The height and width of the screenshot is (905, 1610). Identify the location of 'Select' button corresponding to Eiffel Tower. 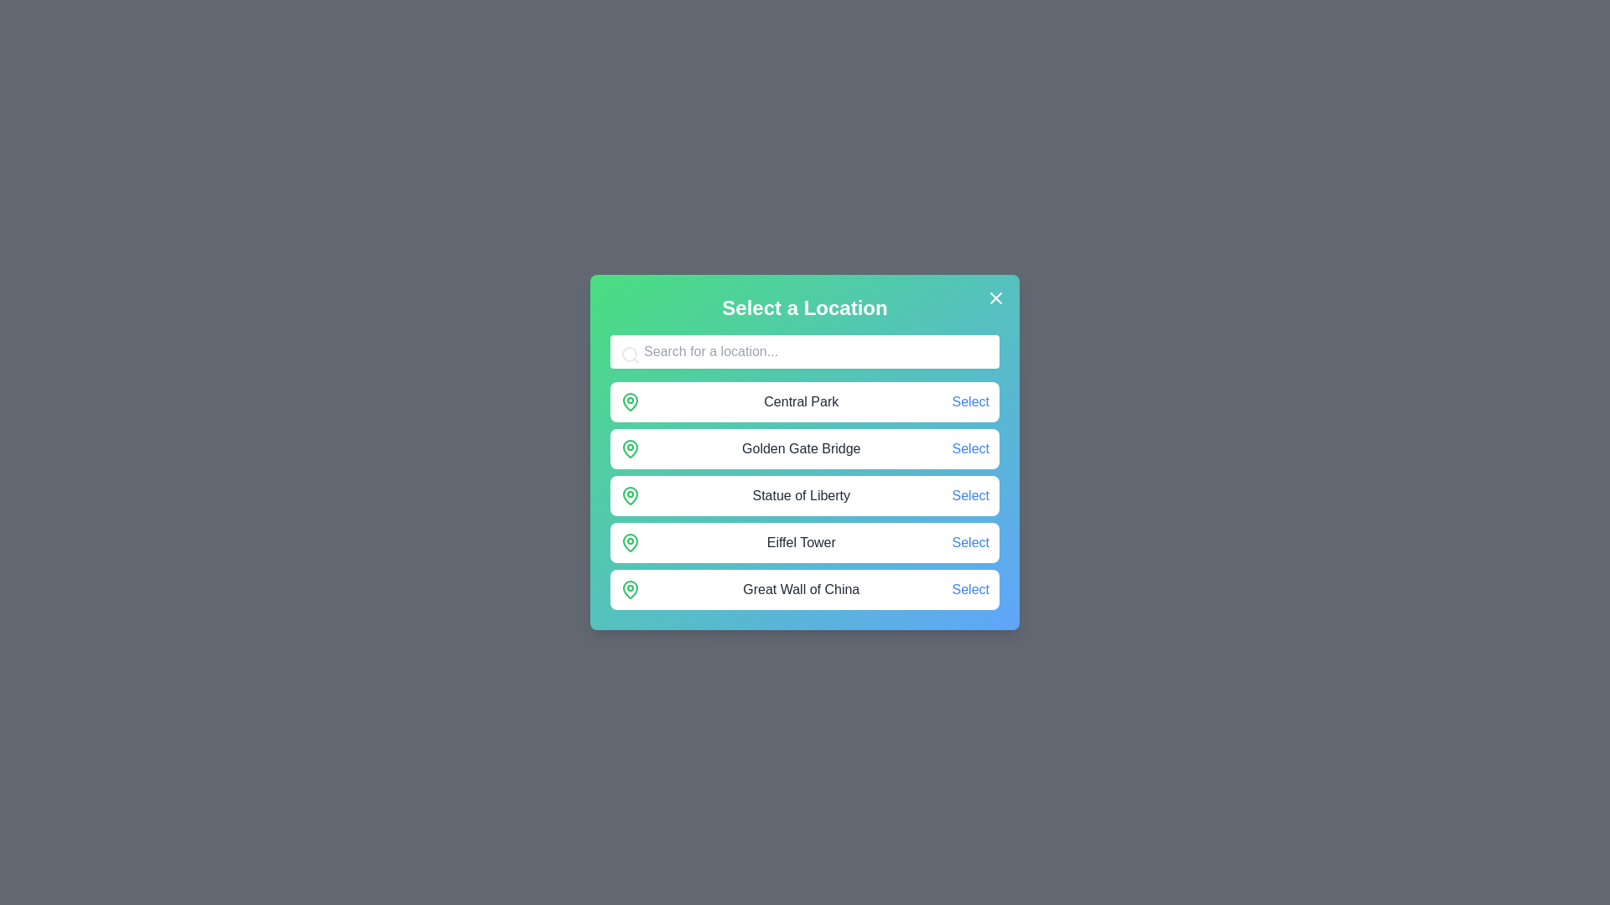
(970, 543).